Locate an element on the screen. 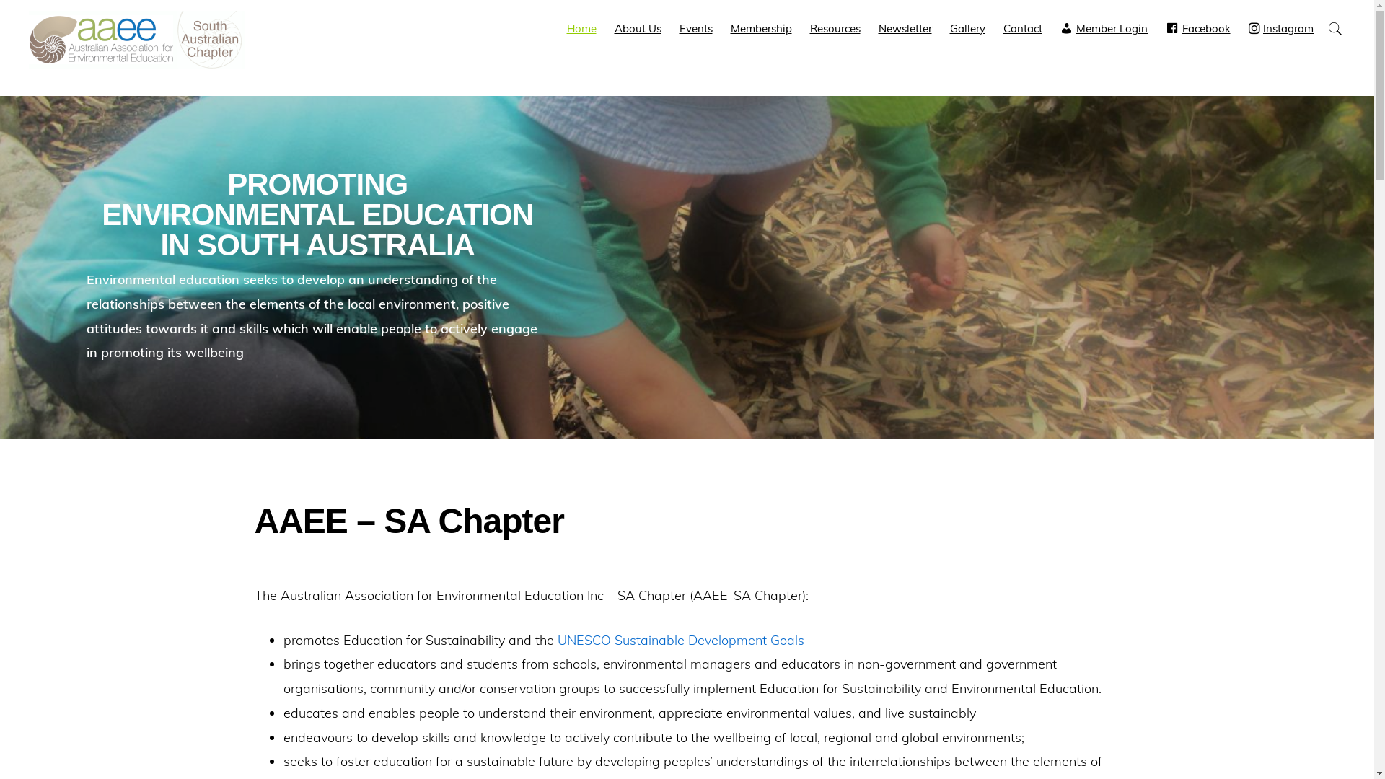  'Facebook' is located at coordinates (1158, 28).